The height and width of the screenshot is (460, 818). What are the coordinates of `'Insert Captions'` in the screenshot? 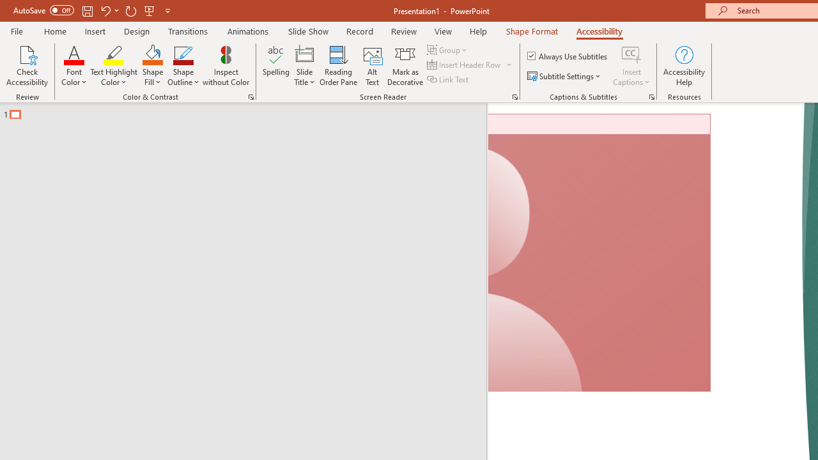 It's located at (631, 54).